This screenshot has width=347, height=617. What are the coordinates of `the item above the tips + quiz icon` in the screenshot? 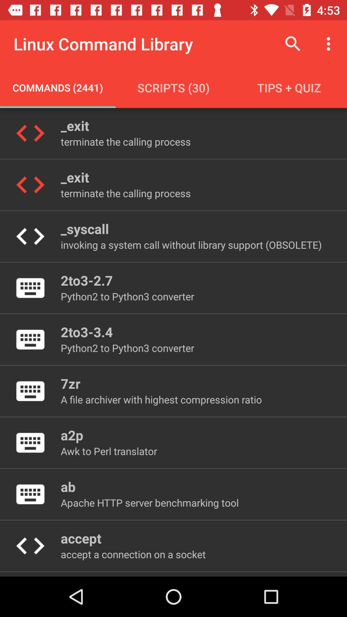 It's located at (330, 43).